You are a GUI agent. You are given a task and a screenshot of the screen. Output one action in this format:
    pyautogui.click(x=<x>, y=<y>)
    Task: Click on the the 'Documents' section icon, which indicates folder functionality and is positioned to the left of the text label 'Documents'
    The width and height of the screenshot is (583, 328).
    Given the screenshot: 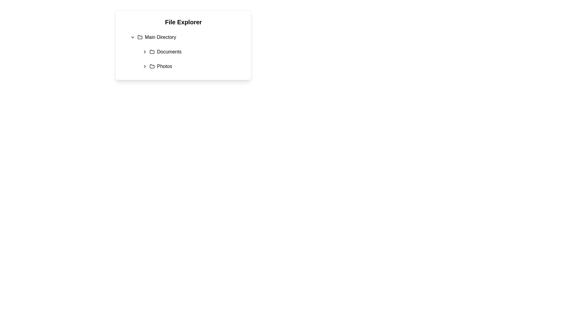 What is the action you would take?
    pyautogui.click(x=152, y=51)
    